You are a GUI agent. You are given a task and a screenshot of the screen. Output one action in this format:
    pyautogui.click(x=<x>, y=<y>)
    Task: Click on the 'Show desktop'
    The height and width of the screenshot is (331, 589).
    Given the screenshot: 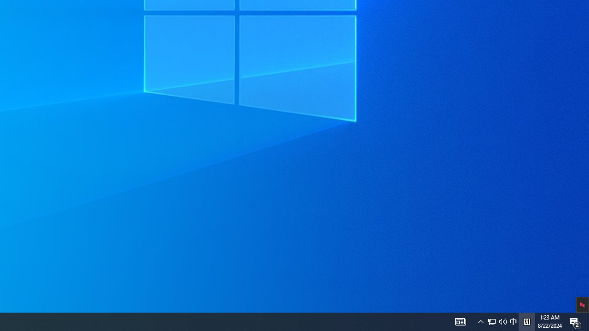 What is the action you would take?
    pyautogui.click(x=575, y=321)
    